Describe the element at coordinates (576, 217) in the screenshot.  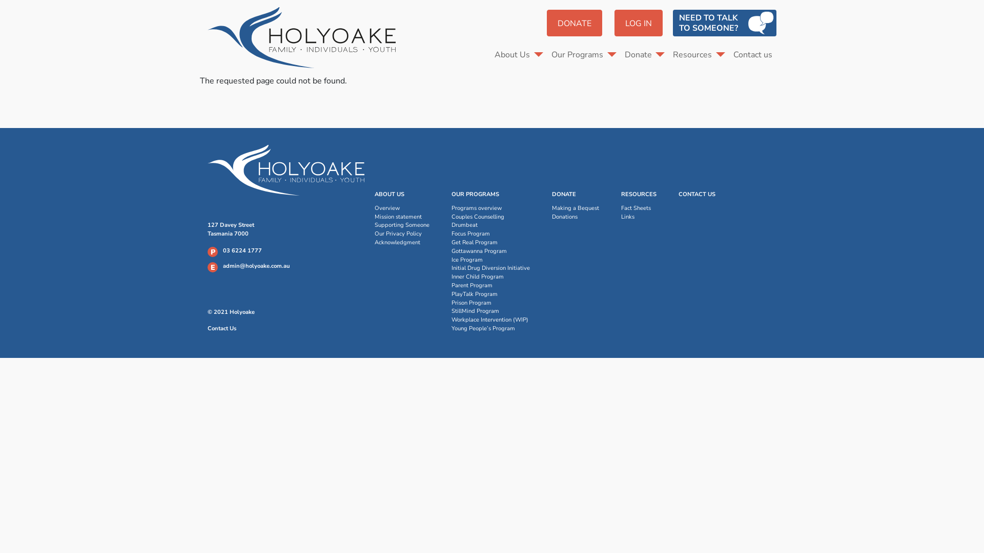
I see `'Donations'` at that location.